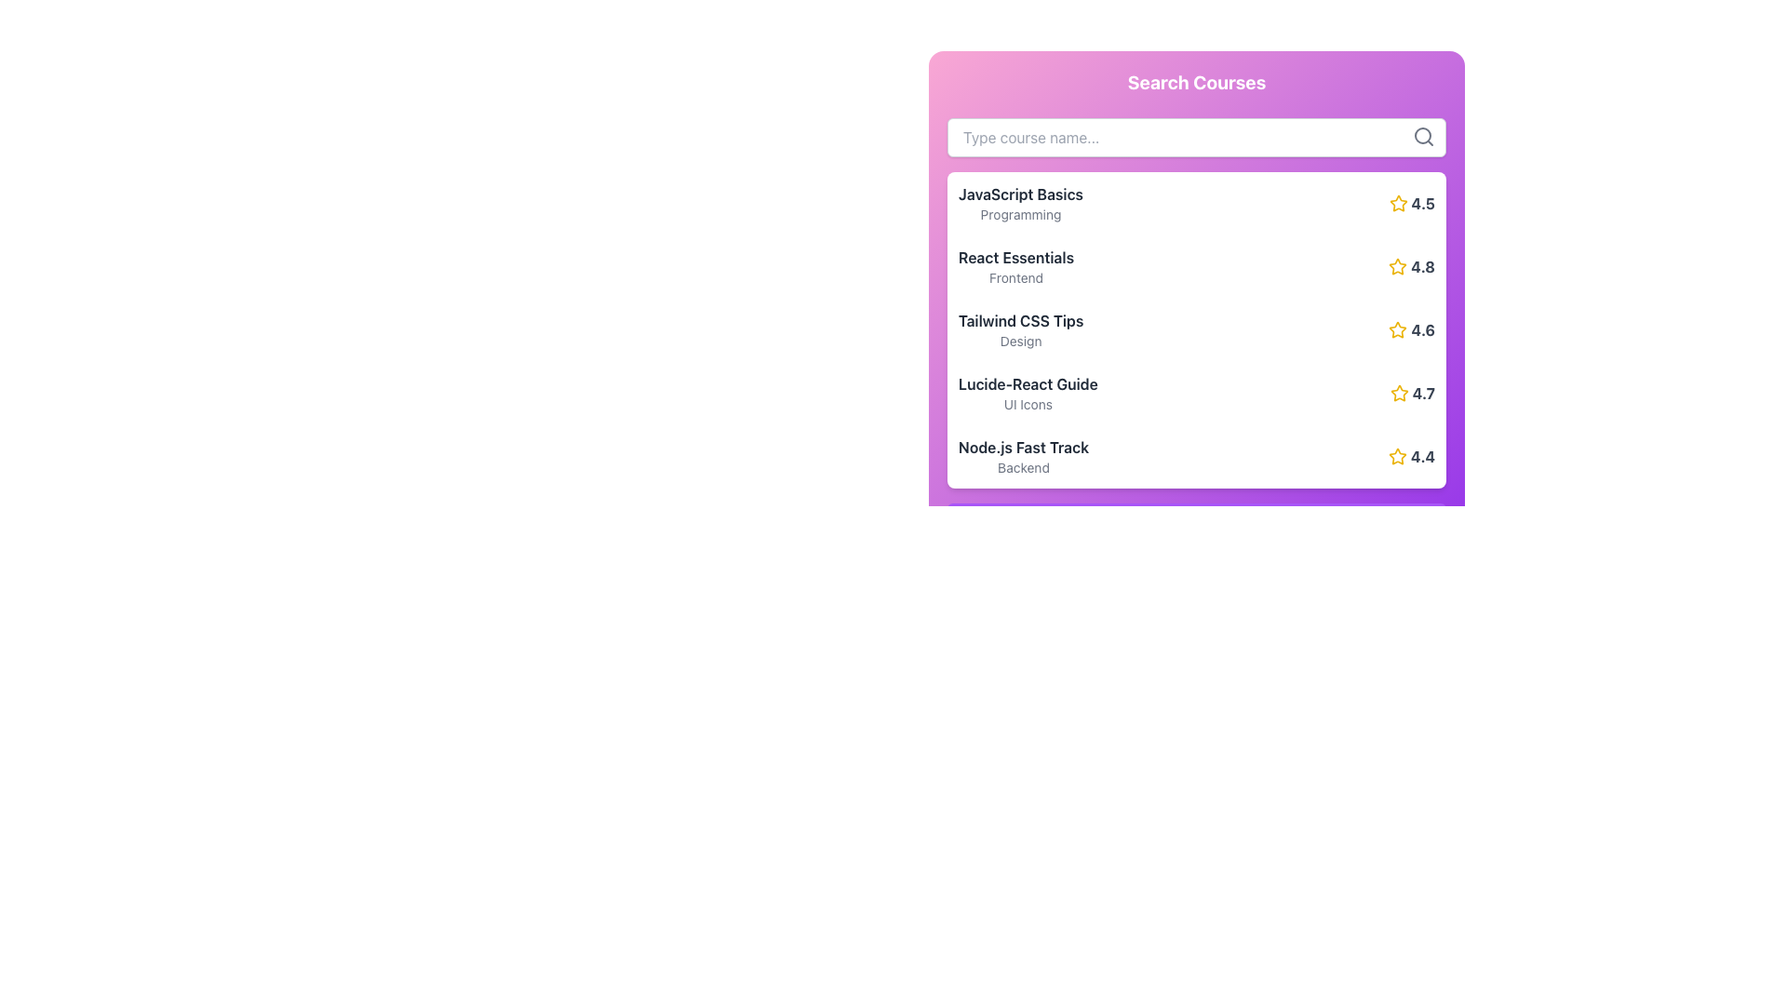 This screenshot has width=1787, height=1005. I want to click on numerical rating value displayed in the text label located to the right of the star icon for the course 'Lucide-React Guide', which is the fourth item in the list, so click(1422, 393).